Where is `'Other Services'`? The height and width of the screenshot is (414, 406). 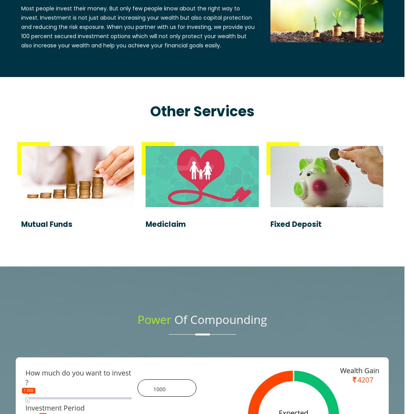
'Other Services' is located at coordinates (201, 111).